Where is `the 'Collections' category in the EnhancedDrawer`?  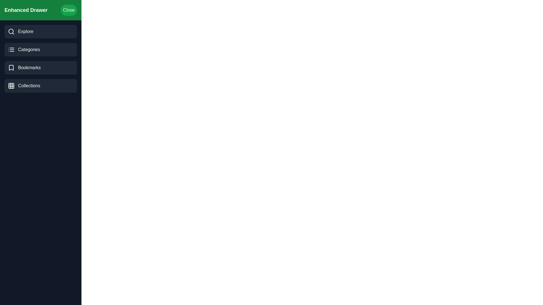
the 'Collections' category in the EnhancedDrawer is located at coordinates (40, 86).